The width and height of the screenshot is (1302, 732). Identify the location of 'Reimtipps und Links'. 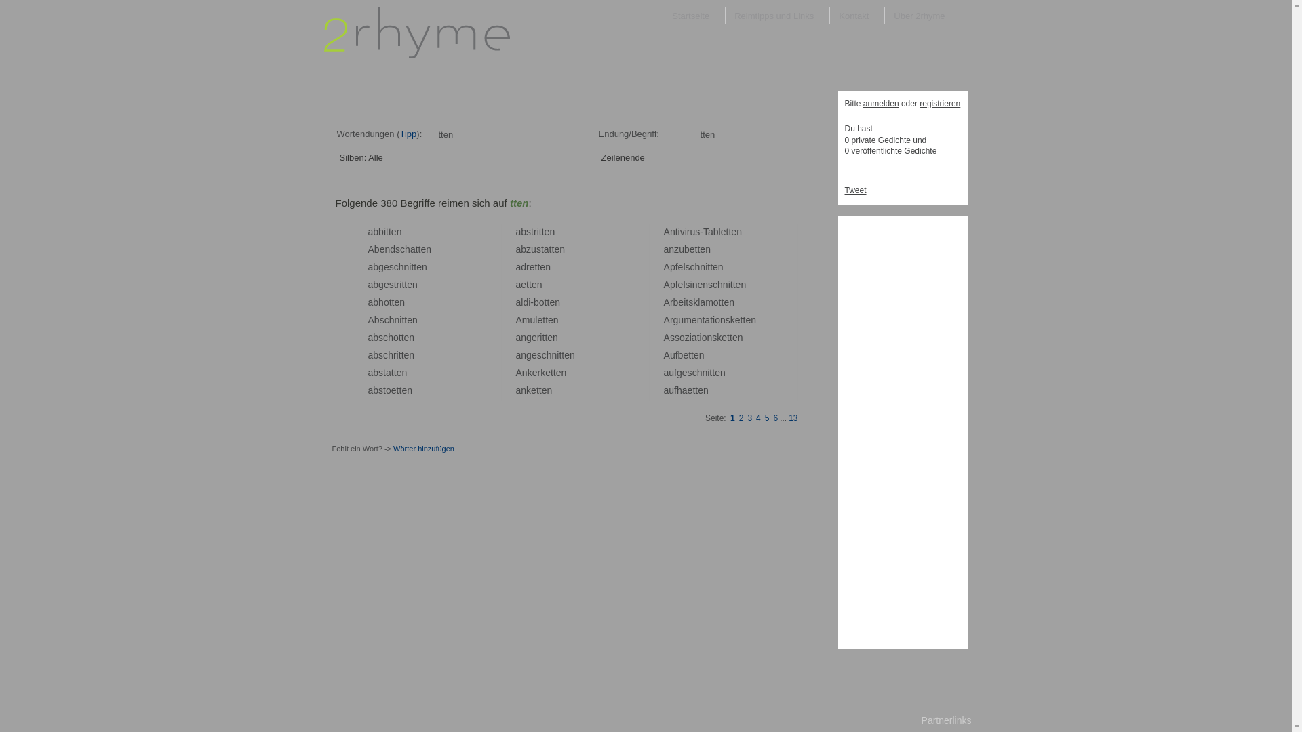
(777, 15).